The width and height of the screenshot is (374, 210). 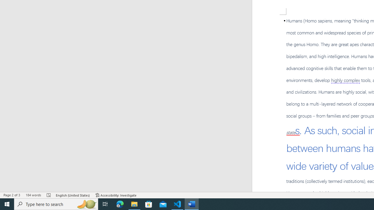 I want to click on 'Task View', so click(x=105, y=204).